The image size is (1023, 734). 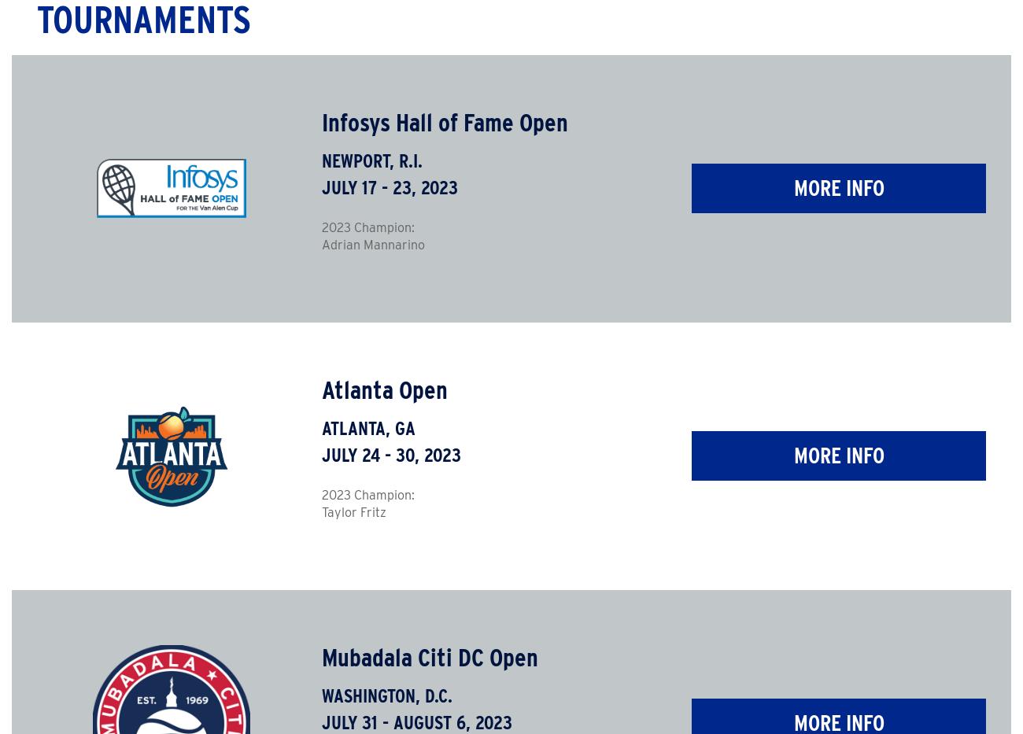 What do you see at coordinates (366, 227) in the screenshot?
I see `'2023 Champion:'` at bounding box center [366, 227].